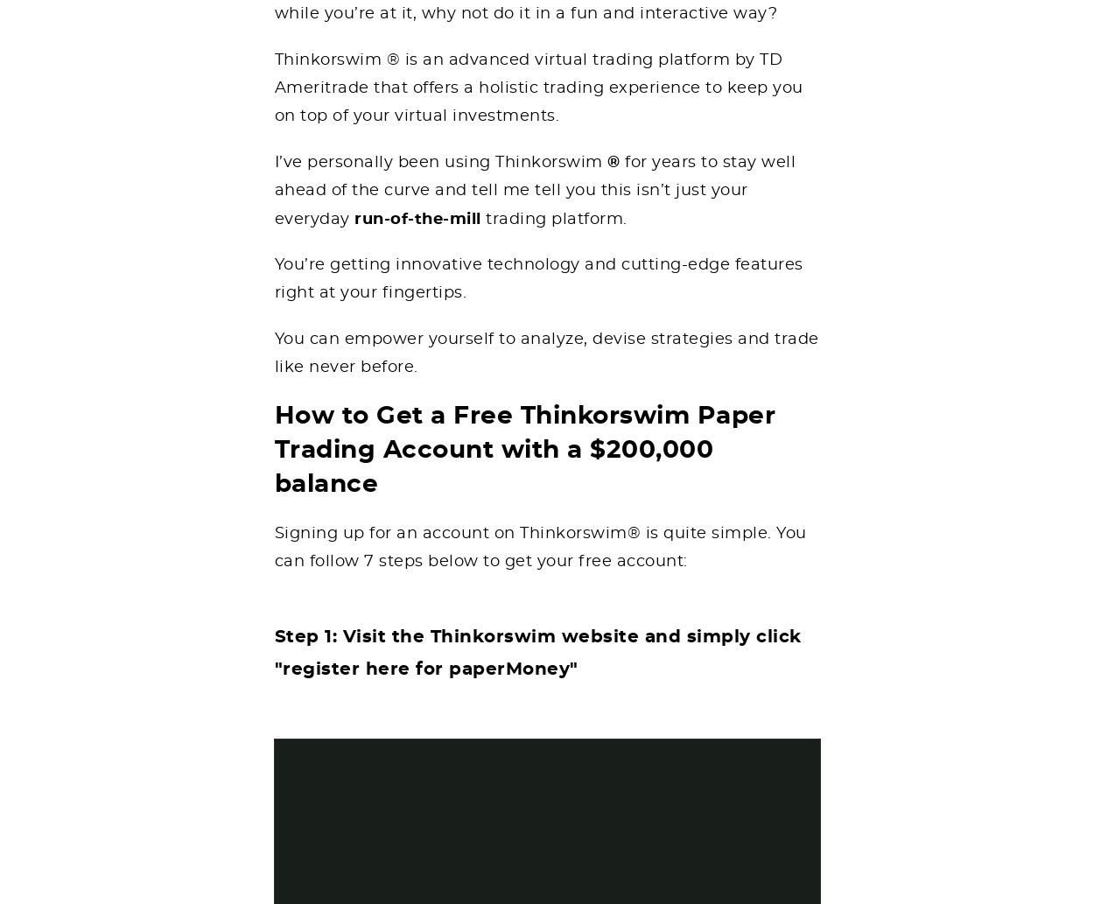  What do you see at coordinates (551, 161) in the screenshot?
I see `'Thinkorswim'` at bounding box center [551, 161].